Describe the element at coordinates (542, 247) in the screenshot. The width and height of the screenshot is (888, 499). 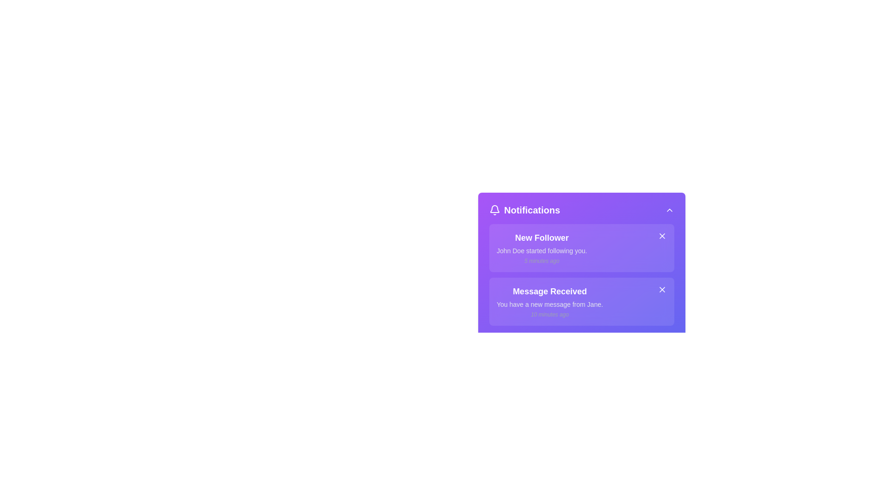
I see `the notification indicating that John Doe has started following, positioned in the notification panel as the first item above the 'Message Received' notification` at that location.